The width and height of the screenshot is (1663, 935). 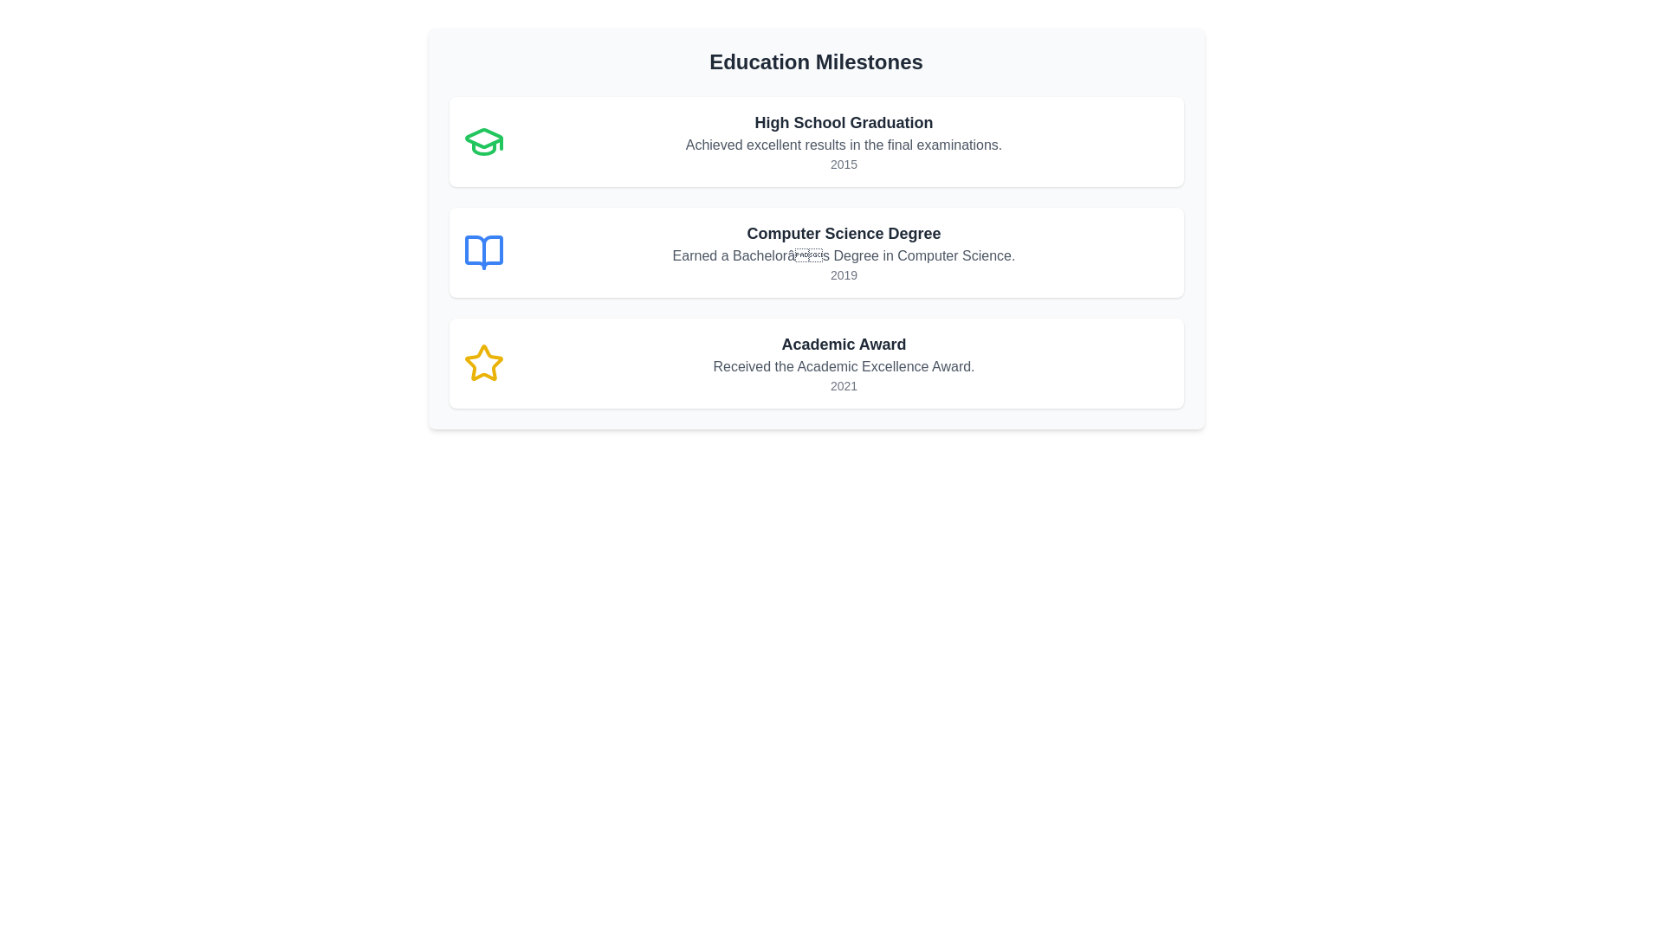 I want to click on the bold text label reading 'High School Graduation' located at the top of the educational milestones list, so click(x=844, y=122).